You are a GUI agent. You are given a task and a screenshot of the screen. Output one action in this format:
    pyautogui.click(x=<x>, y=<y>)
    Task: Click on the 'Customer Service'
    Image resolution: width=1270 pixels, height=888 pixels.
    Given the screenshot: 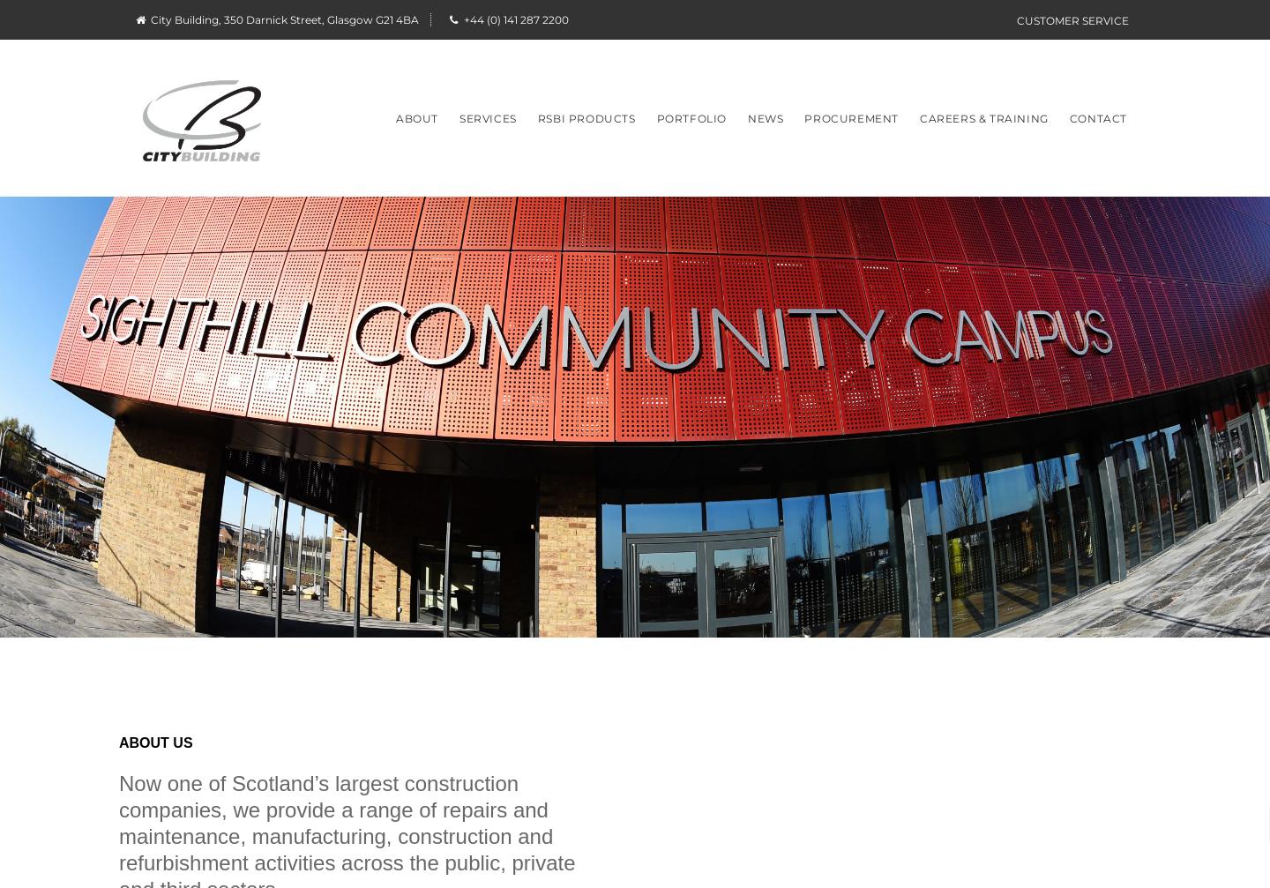 What is the action you would take?
    pyautogui.click(x=1072, y=19)
    